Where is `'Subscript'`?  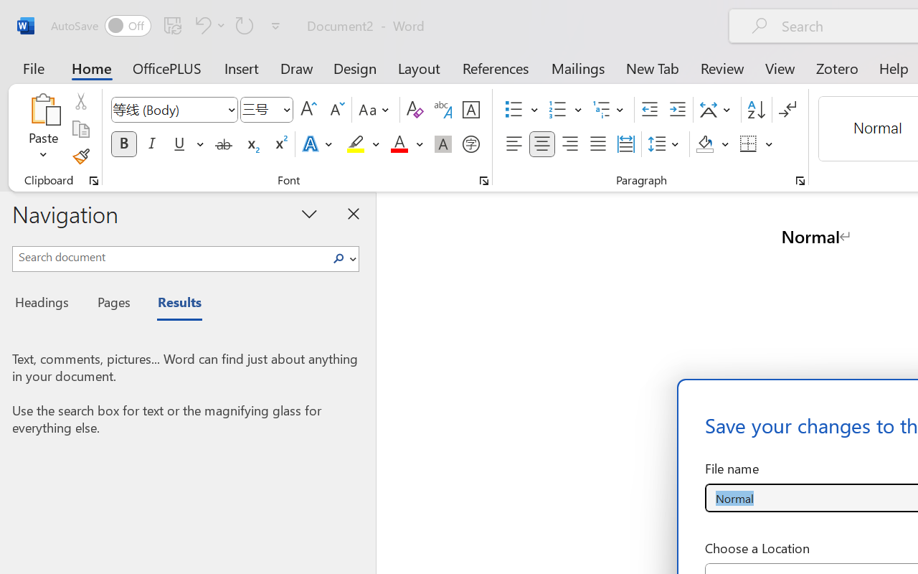
'Subscript' is located at coordinates (251, 144).